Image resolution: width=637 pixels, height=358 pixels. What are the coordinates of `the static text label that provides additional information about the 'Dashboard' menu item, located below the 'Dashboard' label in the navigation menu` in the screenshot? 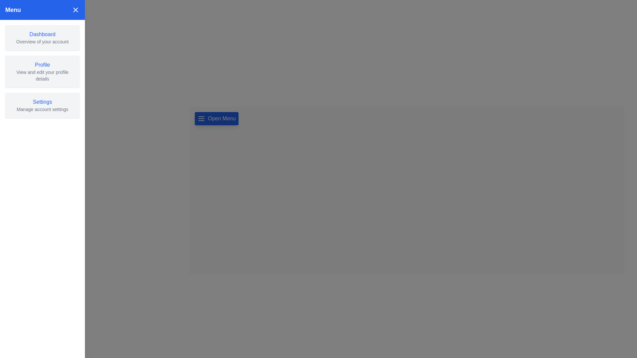 It's located at (42, 42).